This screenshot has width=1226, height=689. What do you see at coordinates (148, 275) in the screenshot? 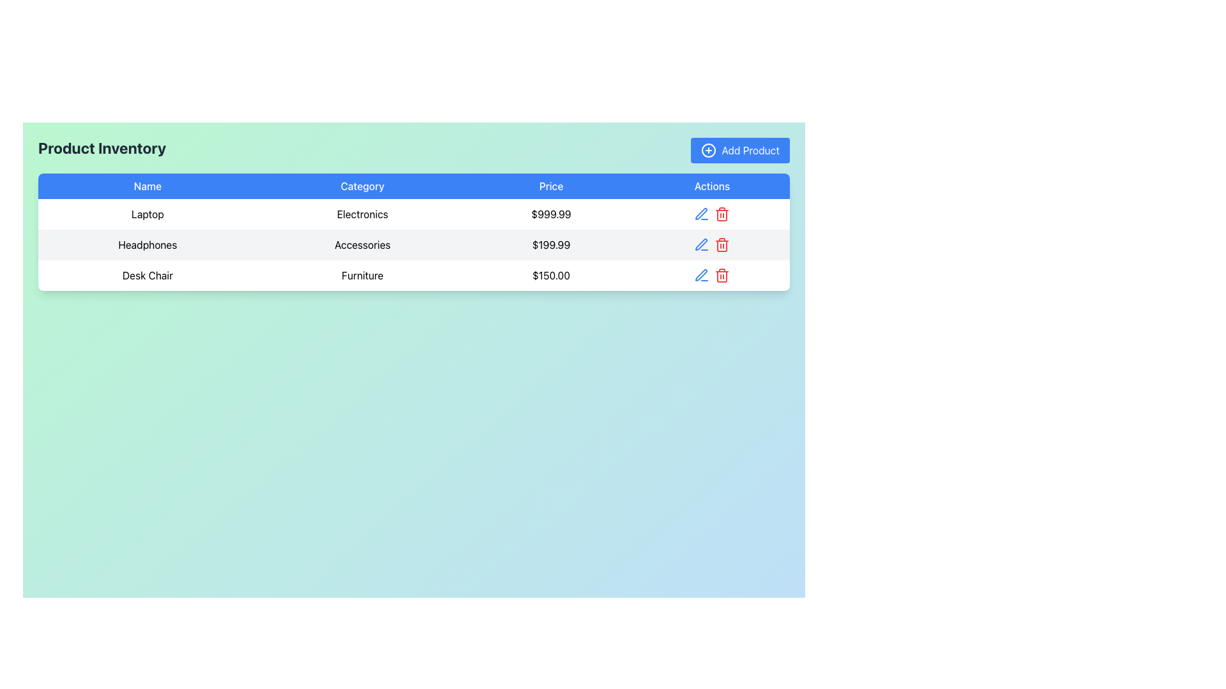
I see `value 'Desk Chair' from the Text Label located in the first column of the third row in the 'Product Inventory' table` at bounding box center [148, 275].